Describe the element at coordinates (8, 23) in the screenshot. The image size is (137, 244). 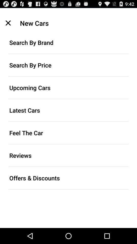
I see `the icon to the left of new cars` at that location.